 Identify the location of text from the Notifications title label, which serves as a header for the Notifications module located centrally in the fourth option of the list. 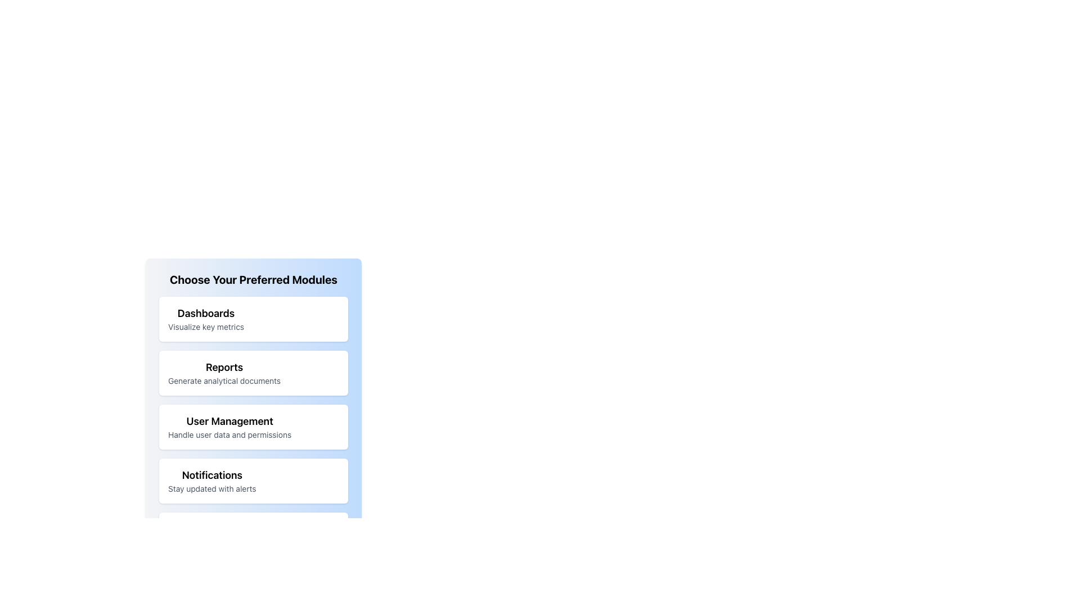
(212, 475).